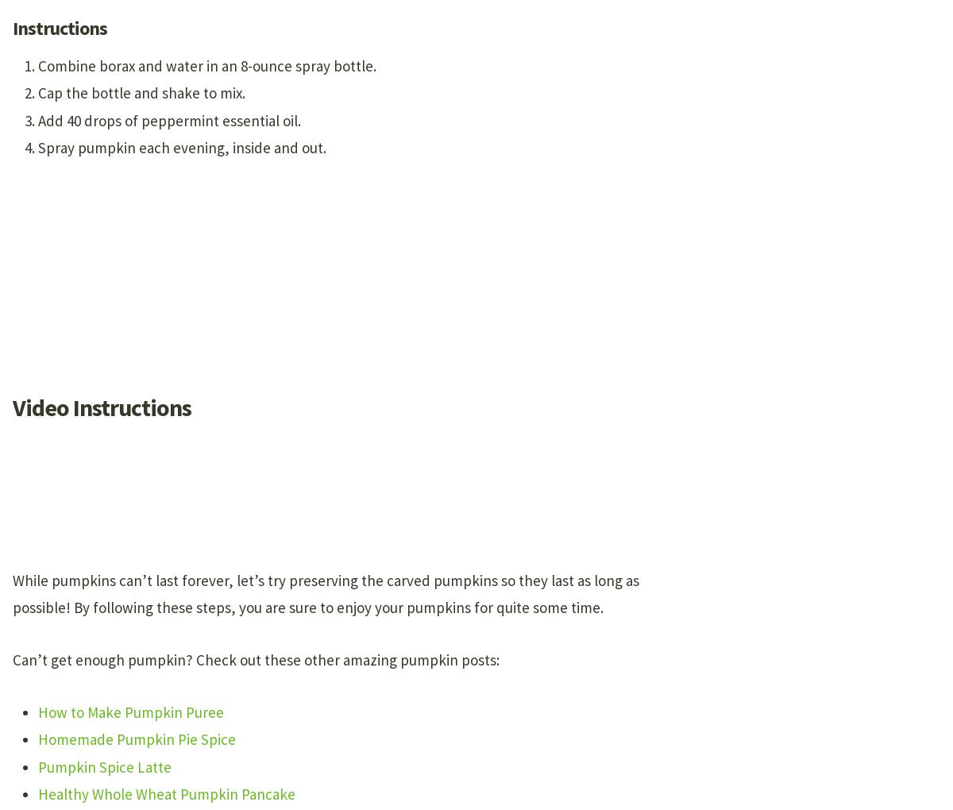 The width and height of the screenshot is (953, 810). What do you see at coordinates (105, 766) in the screenshot?
I see `'Pumpkin Spice Latte'` at bounding box center [105, 766].